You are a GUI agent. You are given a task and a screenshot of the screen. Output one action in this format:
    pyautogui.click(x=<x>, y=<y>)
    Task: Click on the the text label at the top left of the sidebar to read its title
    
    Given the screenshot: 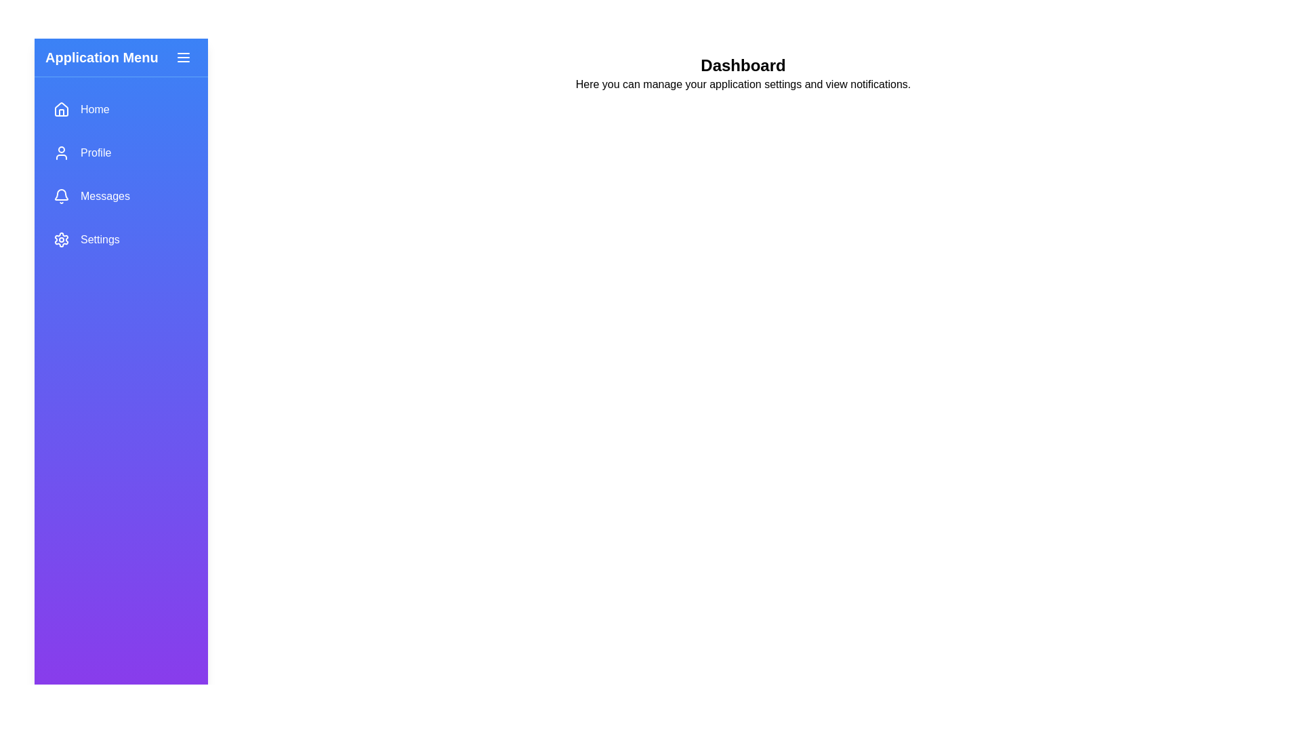 What is the action you would take?
    pyautogui.click(x=101, y=56)
    